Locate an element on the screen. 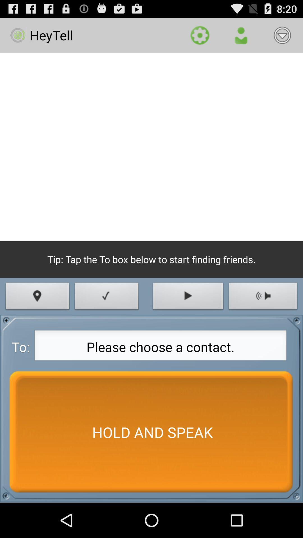 The height and width of the screenshot is (538, 303). icon above the please choose a icon is located at coordinates (263, 297).